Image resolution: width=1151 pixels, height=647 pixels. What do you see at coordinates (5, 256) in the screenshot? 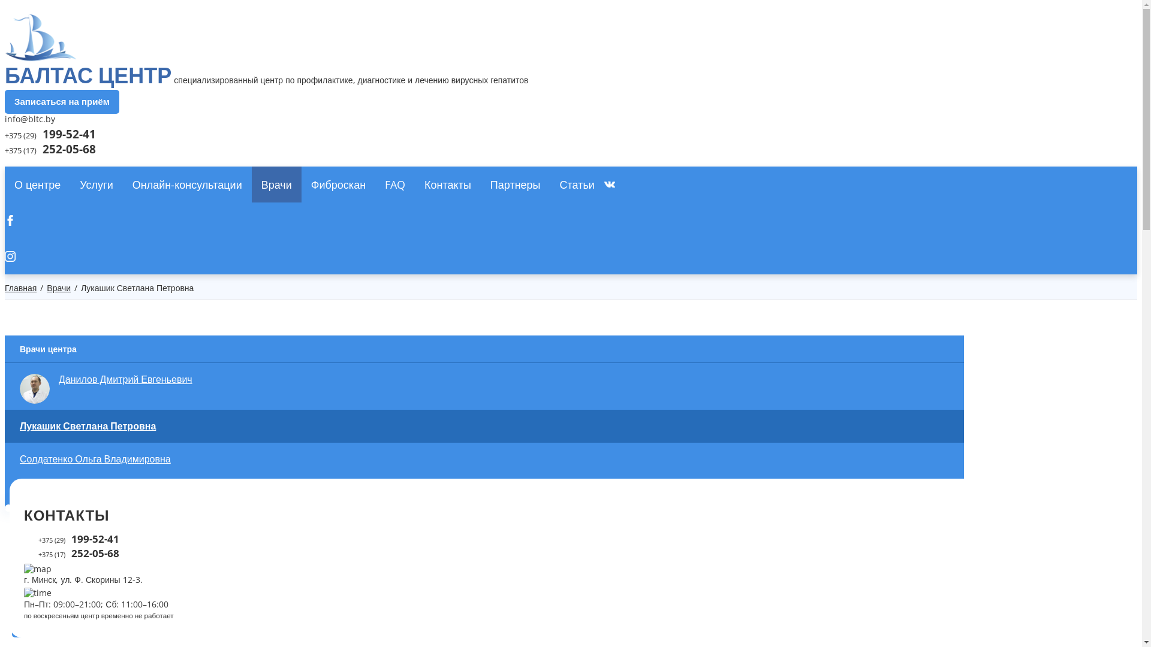
I see `'Instagram'` at bounding box center [5, 256].